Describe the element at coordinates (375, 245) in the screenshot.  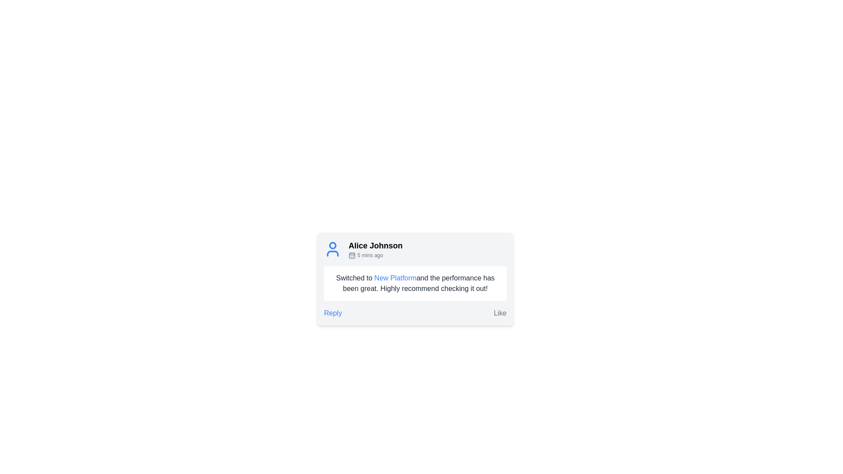
I see `the Text label that identifies the user who authored the comment or post, which is positioned above the text '5 mins ago' and to the right of a user profile icon` at that location.